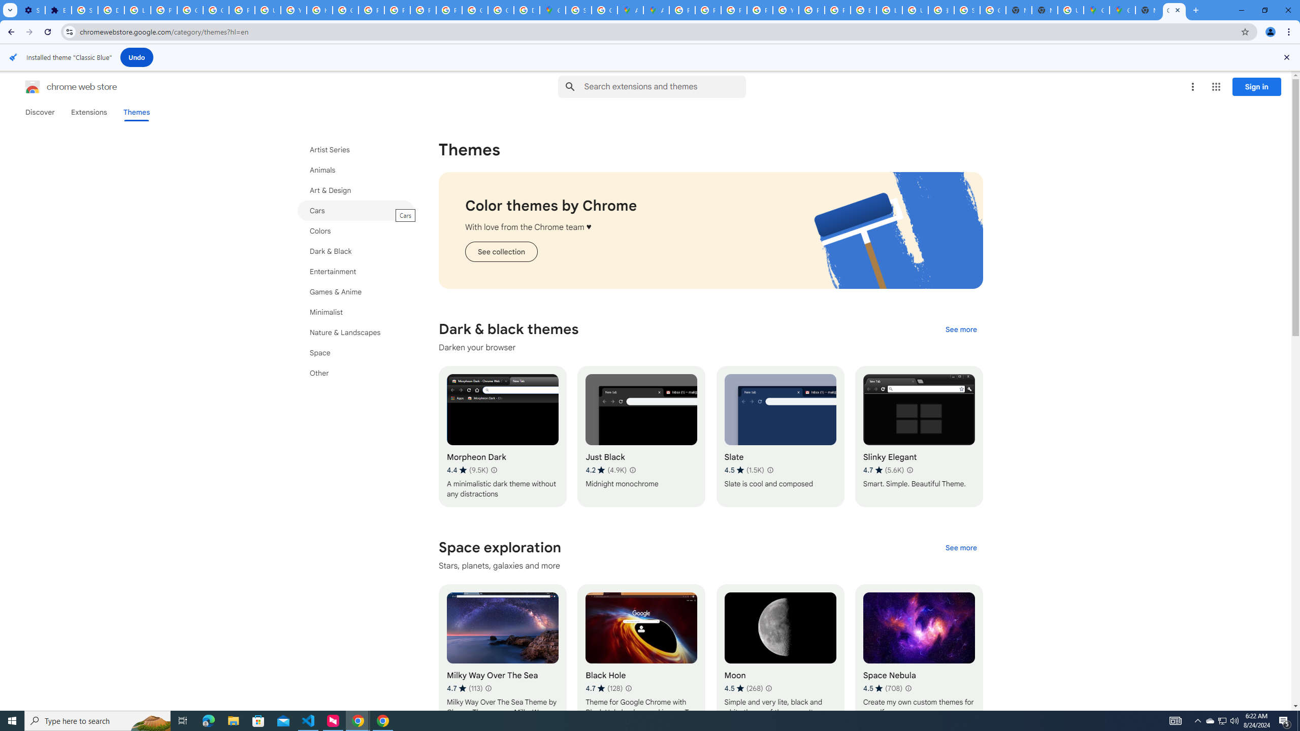 The image size is (1300, 731). Describe the element at coordinates (493, 469) in the screenshot. I see `'Learn more about results and reviews "Morpheon Dark"'` at that location.